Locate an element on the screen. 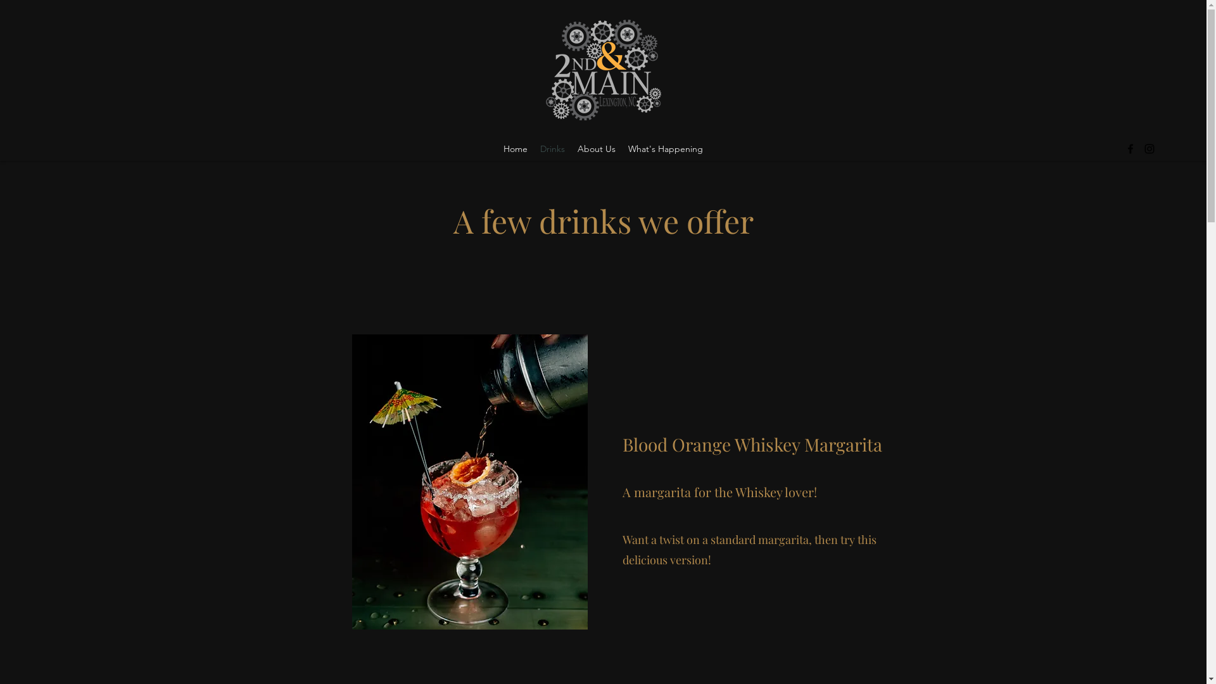 The height and width of the screenshot is (684, 1216). 'What's Happening' is located at coordinates (665, 148).